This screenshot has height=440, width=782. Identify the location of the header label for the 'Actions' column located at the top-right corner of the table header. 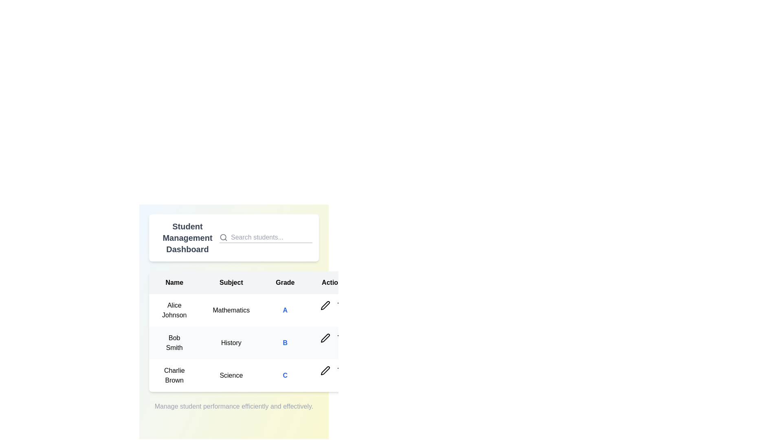
(334, 282).